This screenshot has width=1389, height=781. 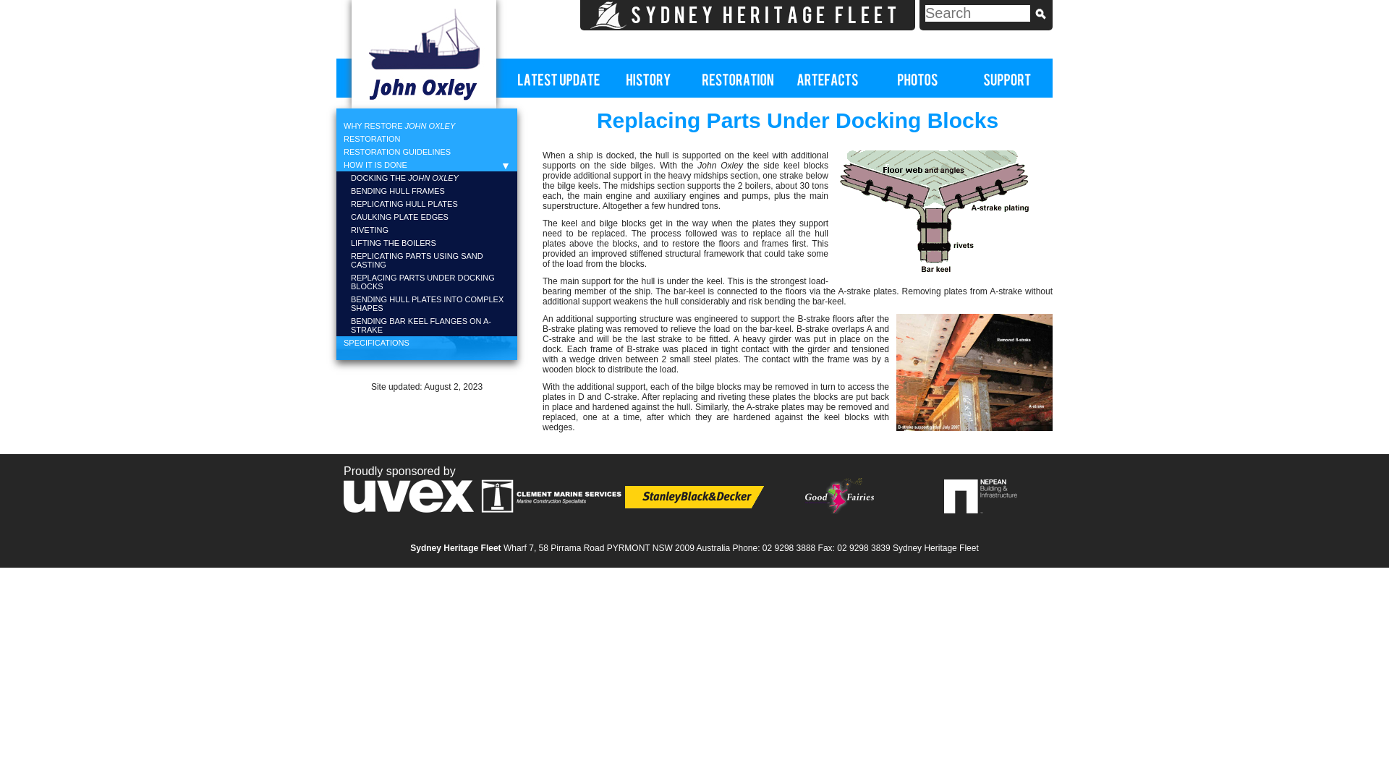 I want to click on 'WHY RESTORE JOHN OXLEY', so click(x=336, y=124).